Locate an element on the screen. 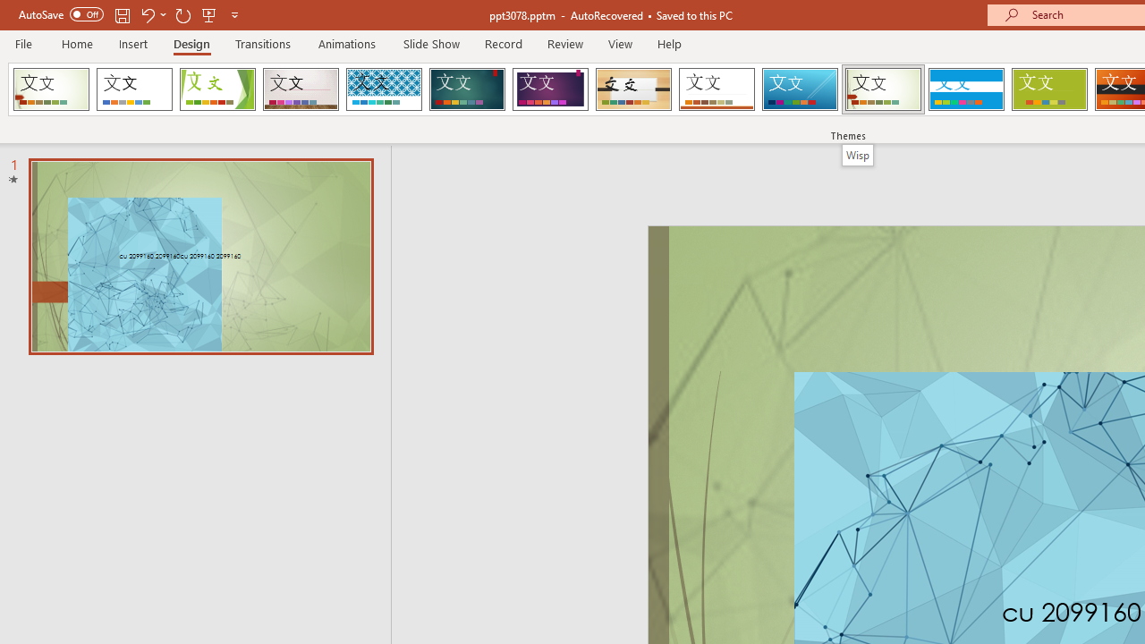 The height and width of the screenshot is (644, 1145). 'Save' is located at coordinates (121, 14).